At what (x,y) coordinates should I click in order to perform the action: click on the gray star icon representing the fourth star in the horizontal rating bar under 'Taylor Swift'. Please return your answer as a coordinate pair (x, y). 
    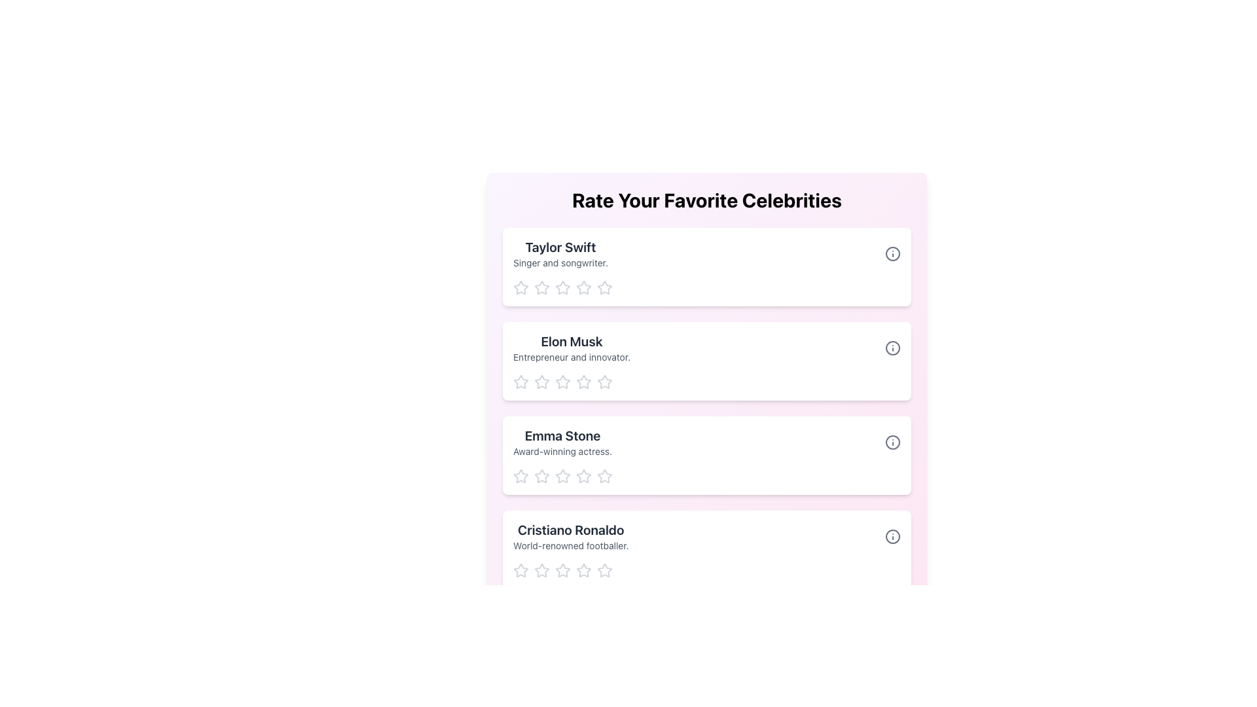
    Looking at the image, I should click on (583, 287).